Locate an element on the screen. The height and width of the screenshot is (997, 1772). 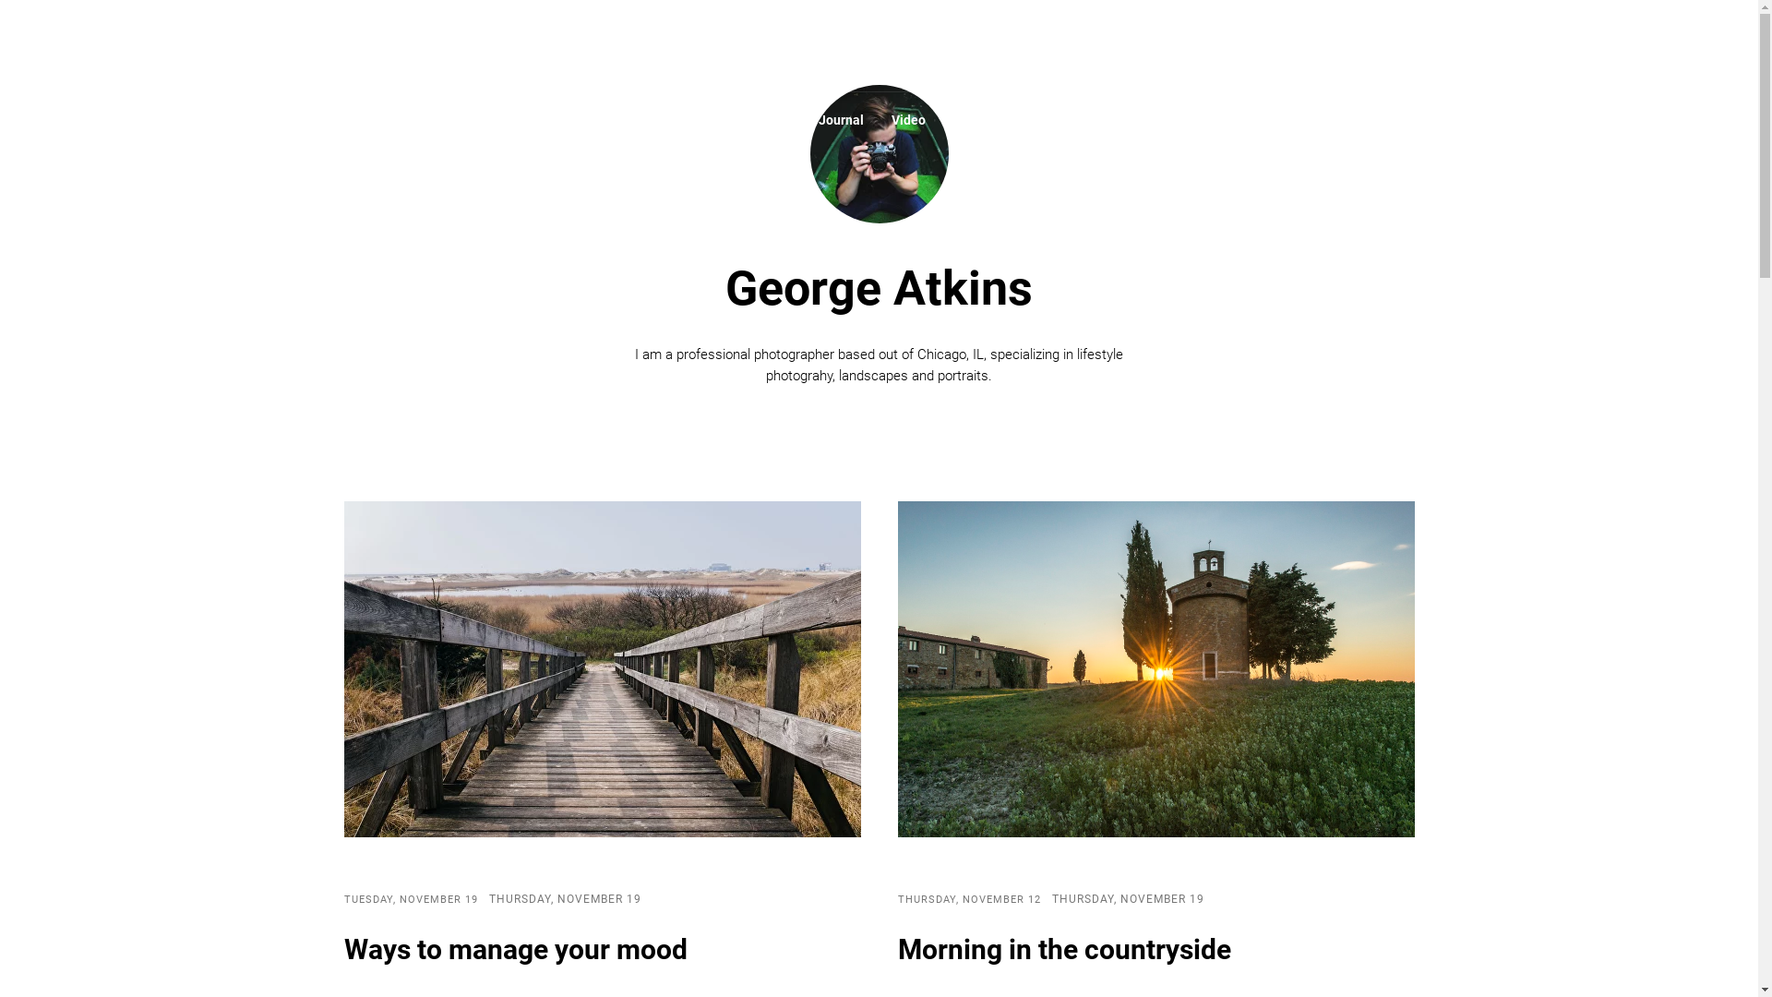
'BIKEPACKING KYRGYZSTAN' is located at coordinates (878, 45).